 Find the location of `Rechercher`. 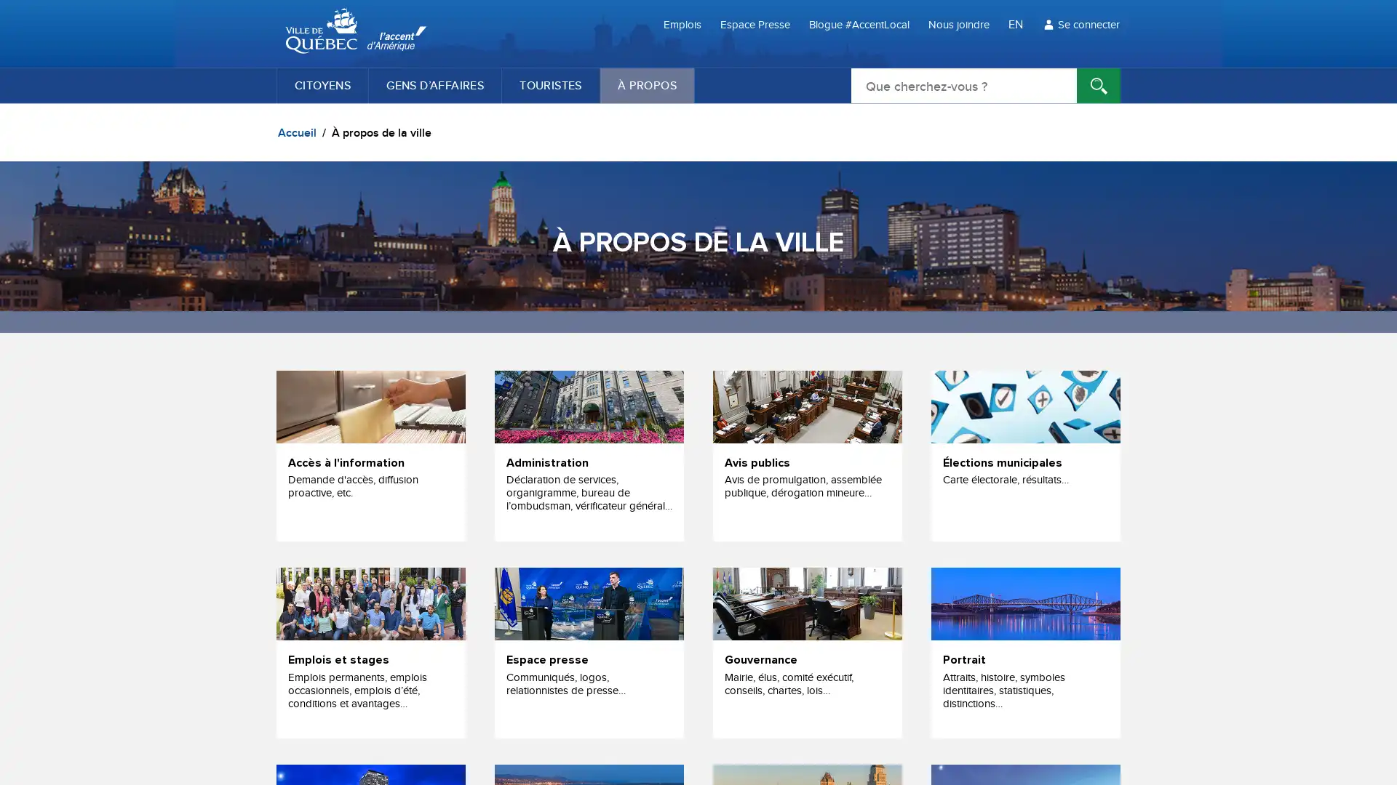

Rechercher is located at coordinates (1099, 86).